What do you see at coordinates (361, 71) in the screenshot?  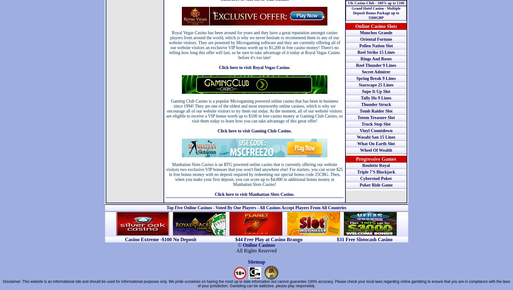 I see `'Secret Admirer'` at bounding box center [361, 71].